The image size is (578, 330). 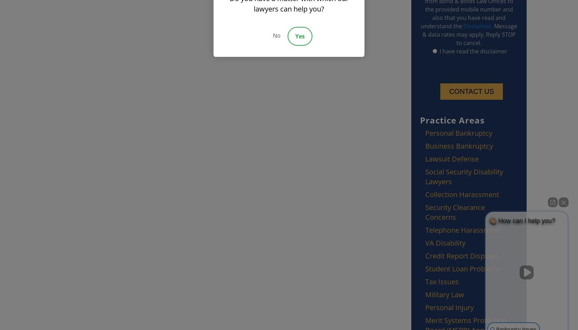 I want to click on '. Message & data rates may apply. Reply STOP to cancel.', so click(x=470, y=34).